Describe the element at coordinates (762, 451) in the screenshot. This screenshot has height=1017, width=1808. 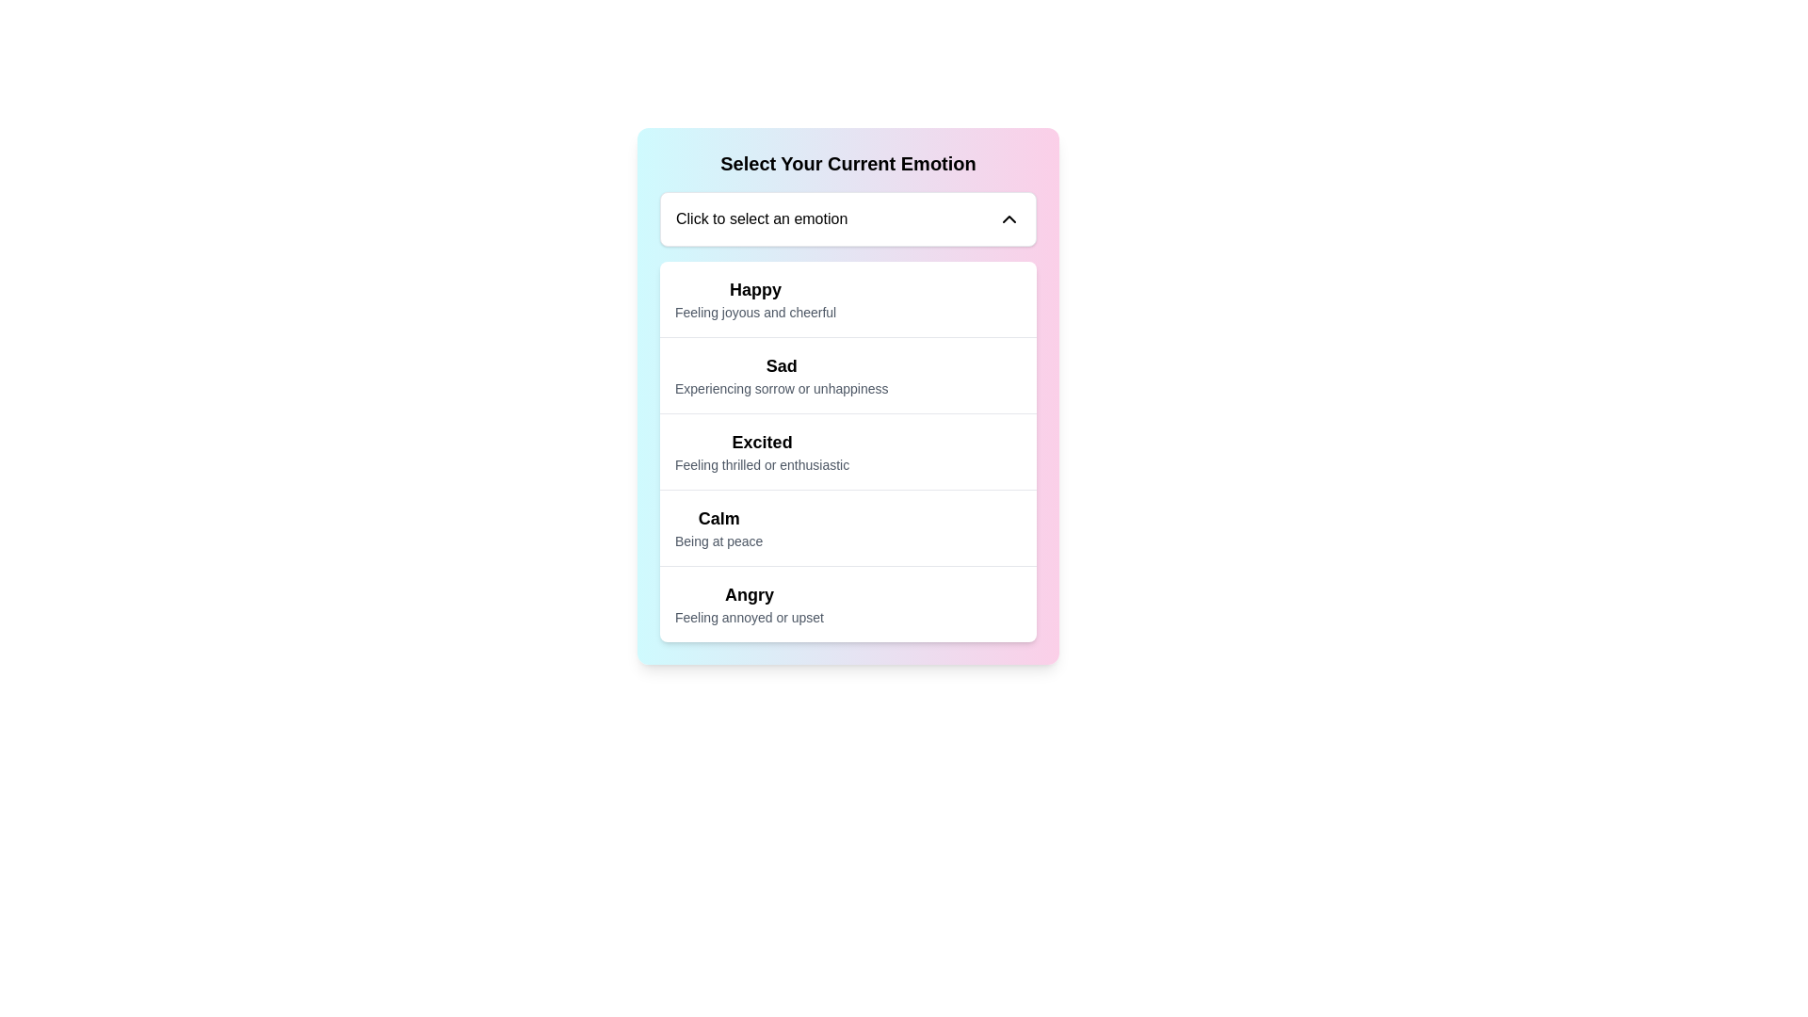
I see `the 'Excited' list item in the dropdown menu` at that location.